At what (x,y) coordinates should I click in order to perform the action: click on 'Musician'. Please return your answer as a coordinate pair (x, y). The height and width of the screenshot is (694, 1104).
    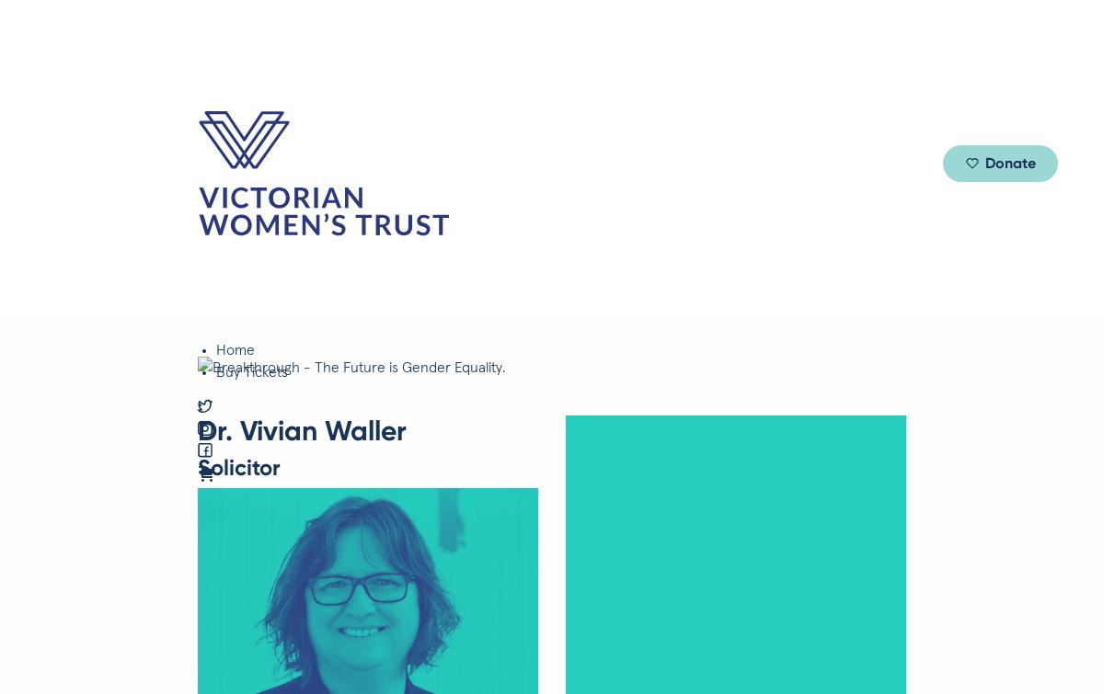
    Looking at the image, I should click on (276, 358).